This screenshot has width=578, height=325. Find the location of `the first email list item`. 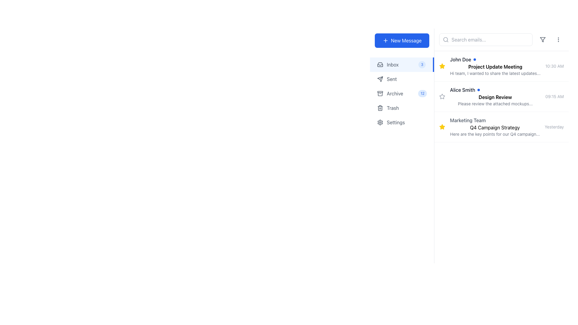

the first email list item is located at coordinates (501, 66).